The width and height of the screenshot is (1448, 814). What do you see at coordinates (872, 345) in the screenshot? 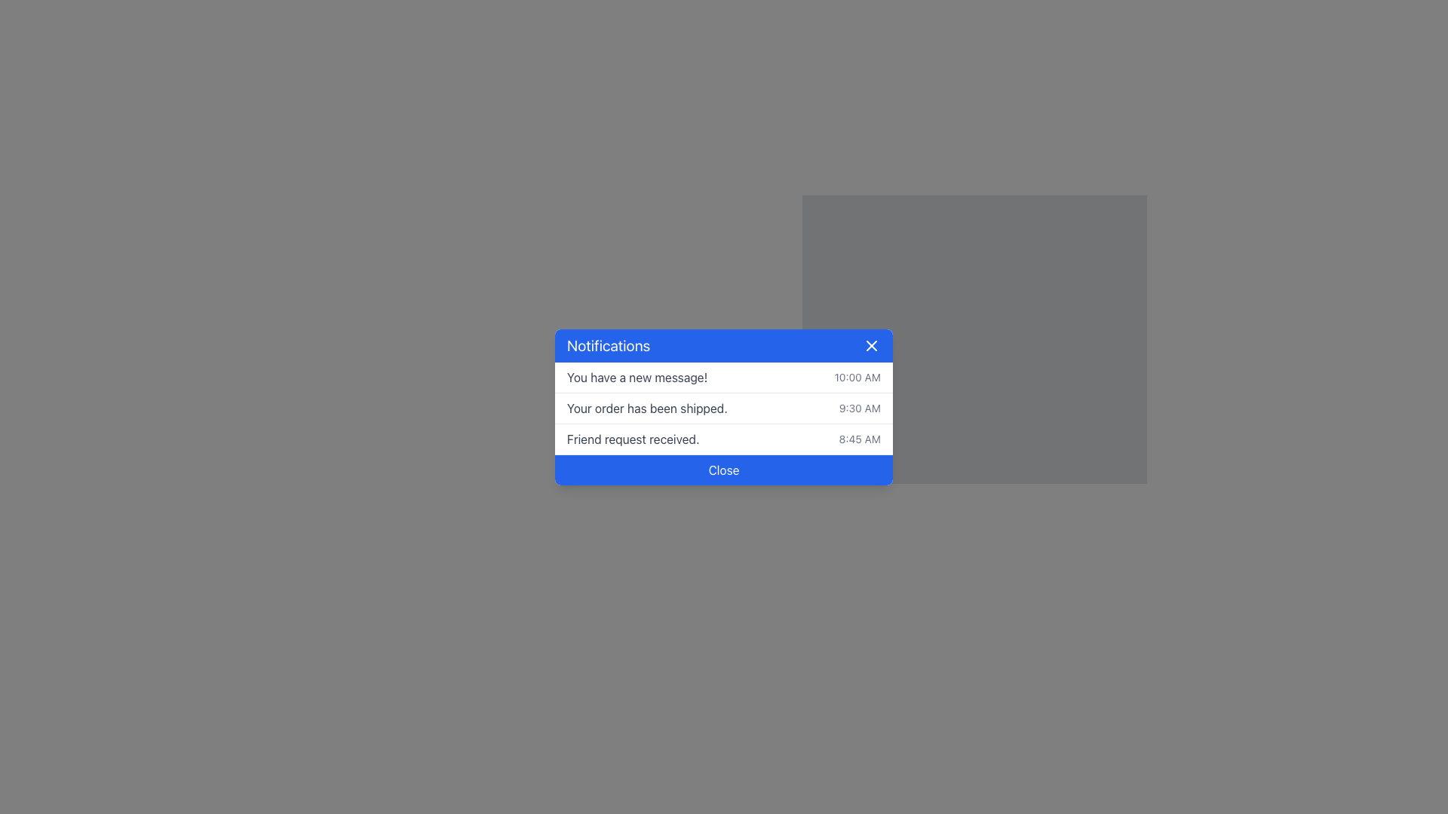
I see `the close button located in the top-right corner of the blue notification modal` at bounding box center [872, 345].